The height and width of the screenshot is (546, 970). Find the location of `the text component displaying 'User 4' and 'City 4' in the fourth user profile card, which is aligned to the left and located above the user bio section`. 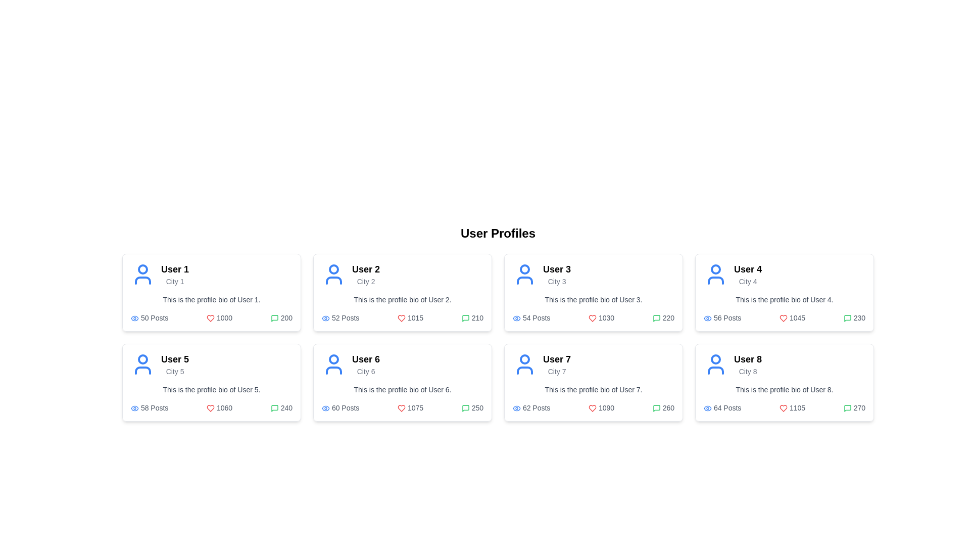

the text component displaying 'User 4' and 'City 4' in the fourth user profile card, which is aligned to the left and located above the user bio section is located at coordinates (748, 275).